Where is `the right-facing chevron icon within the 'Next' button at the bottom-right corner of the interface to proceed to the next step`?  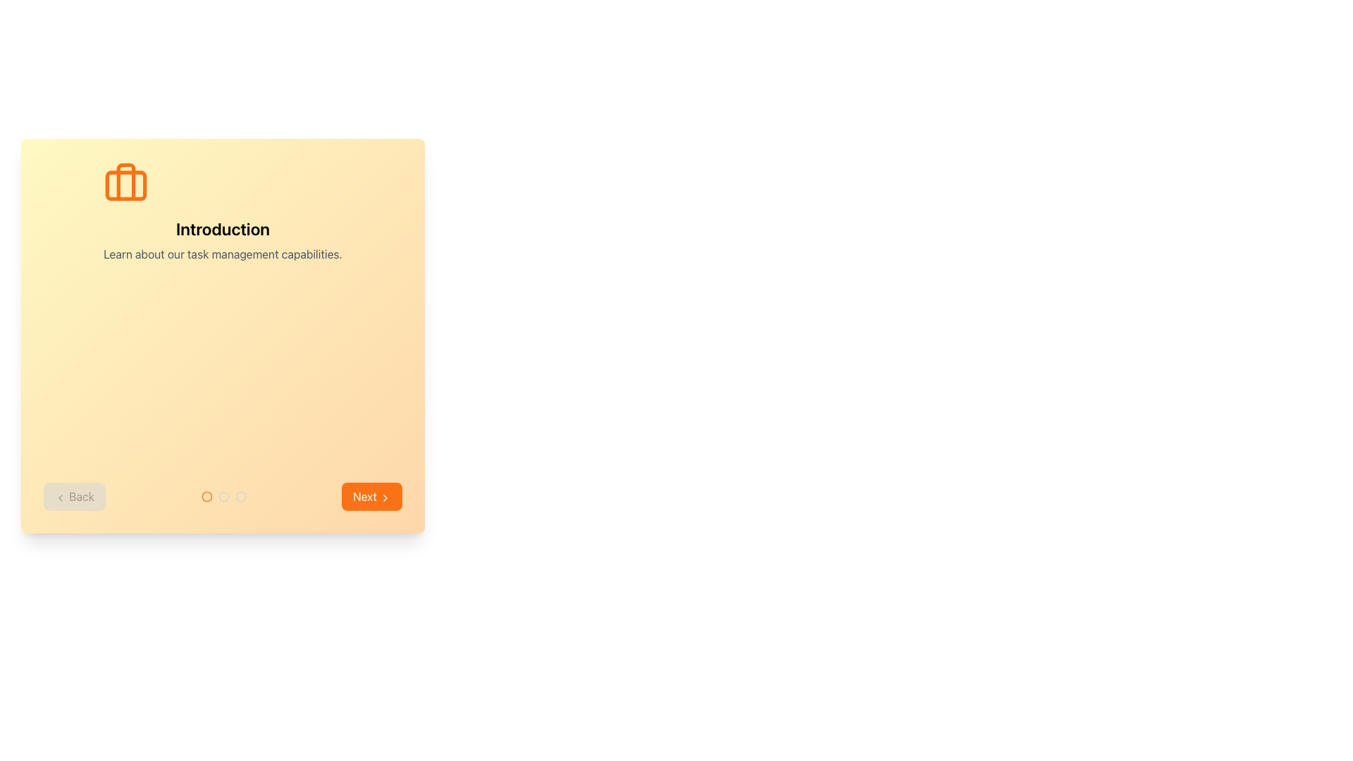
the right-facing chevron icon within the 'Next' button at the bottom-right corner of the interface to proceed to the next step is located at coordinates (385, 497).